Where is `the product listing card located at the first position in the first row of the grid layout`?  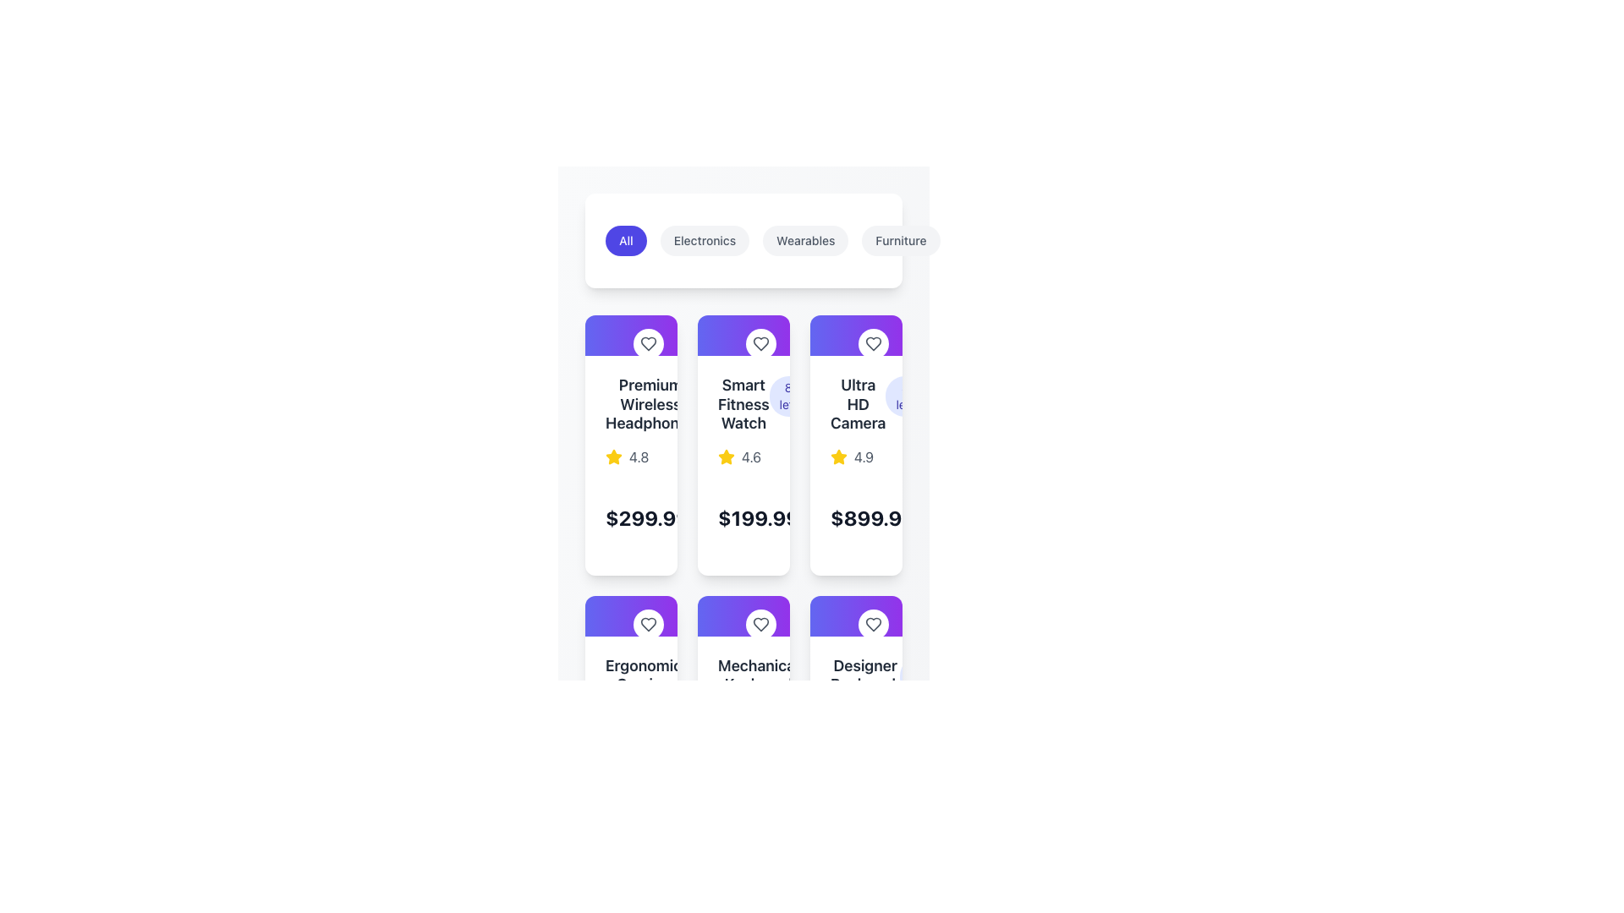
the product listing card located at the first position in the first row of the grid layout is located at coordinates (630, 444).